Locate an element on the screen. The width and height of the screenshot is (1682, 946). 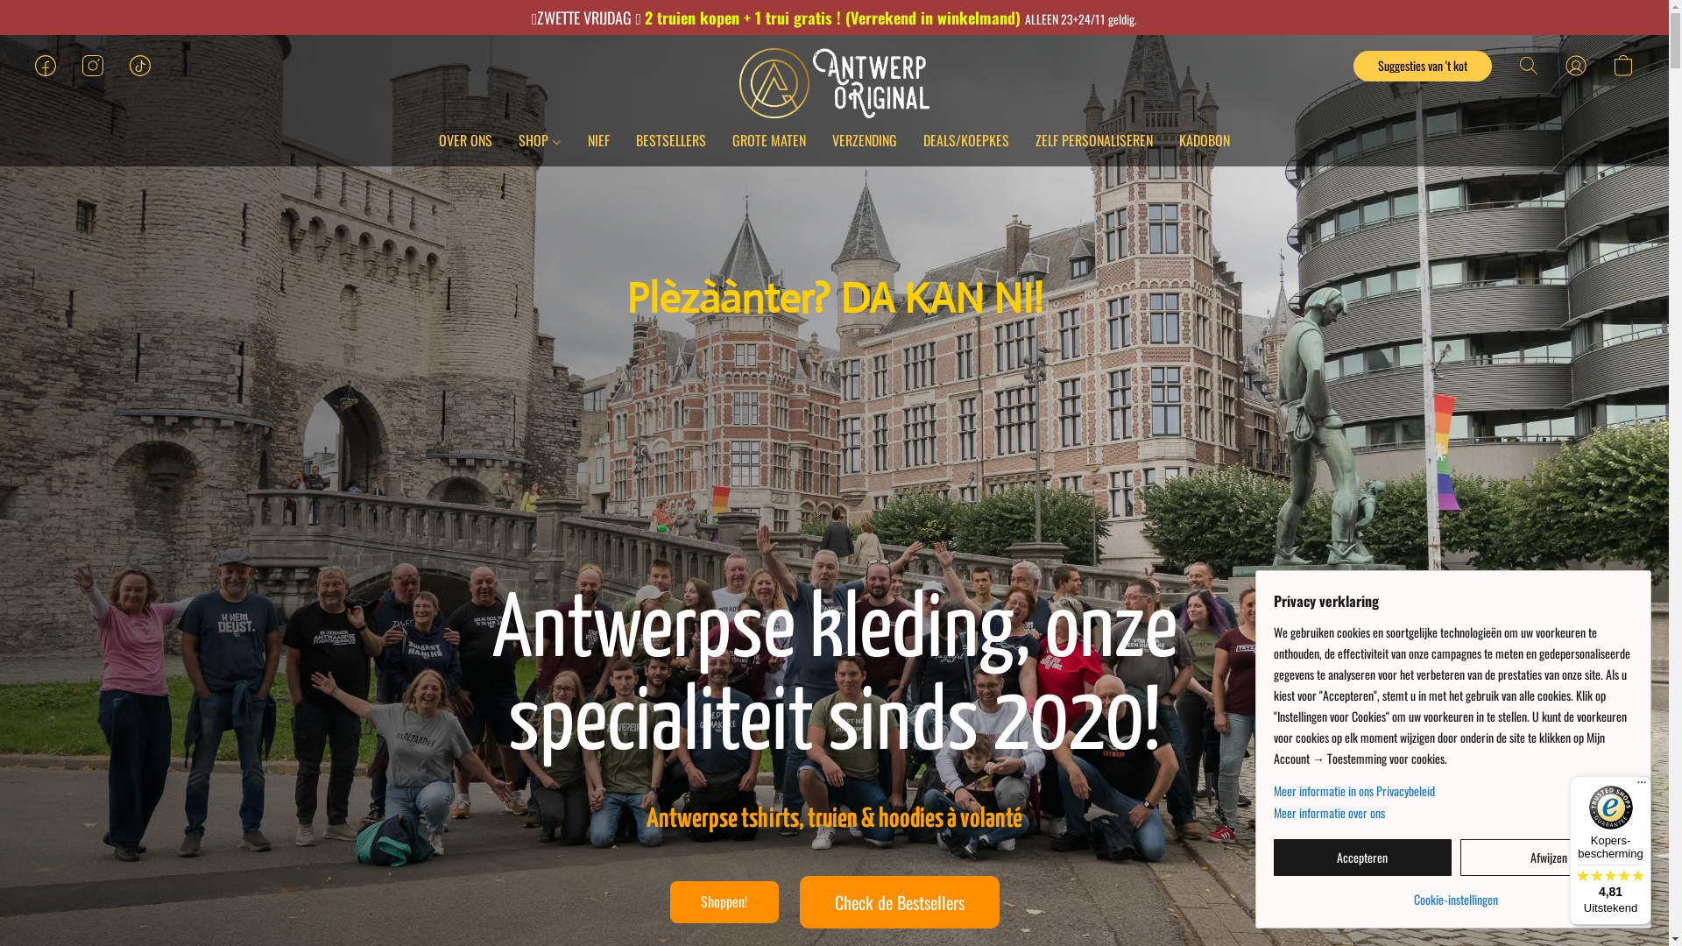
'VERZENDING' is located at coordinates (818, 138).